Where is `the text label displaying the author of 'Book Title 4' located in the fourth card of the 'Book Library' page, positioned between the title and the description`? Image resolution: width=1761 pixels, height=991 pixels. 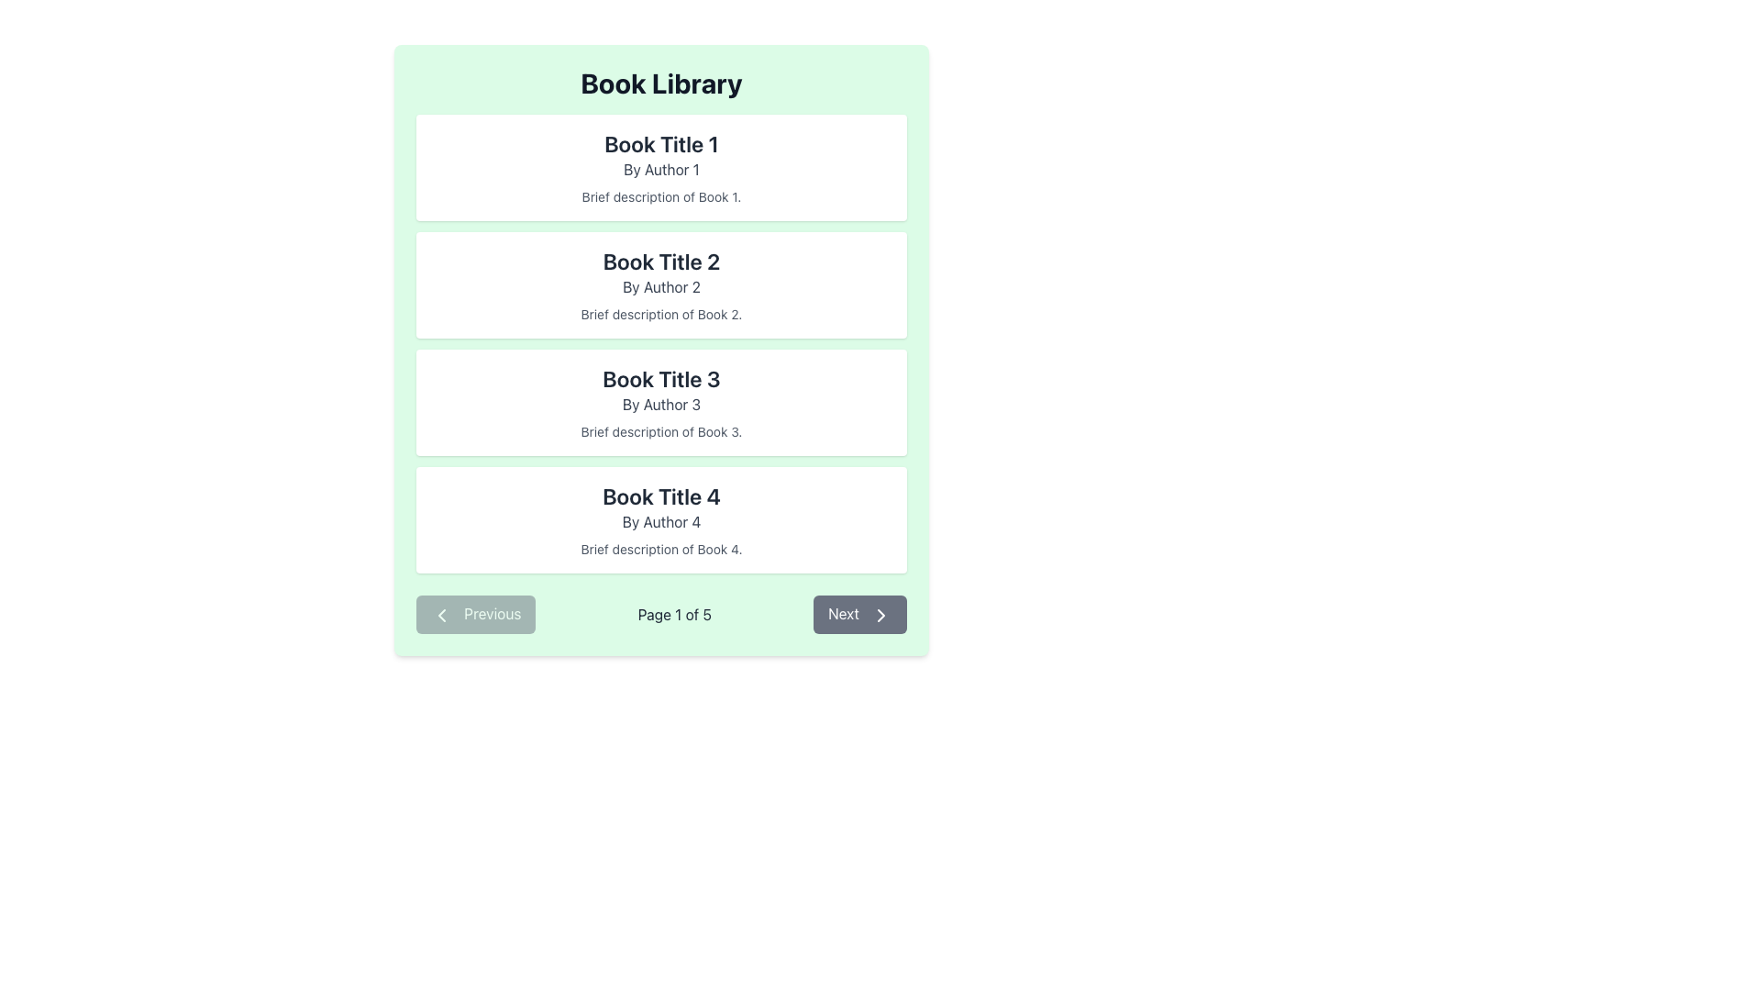 the text label displaying the author of 'Book Title 4' located in the fourth card of the 'Book Library' page, positioned between the title and the description is located at coordinates (660, 522).